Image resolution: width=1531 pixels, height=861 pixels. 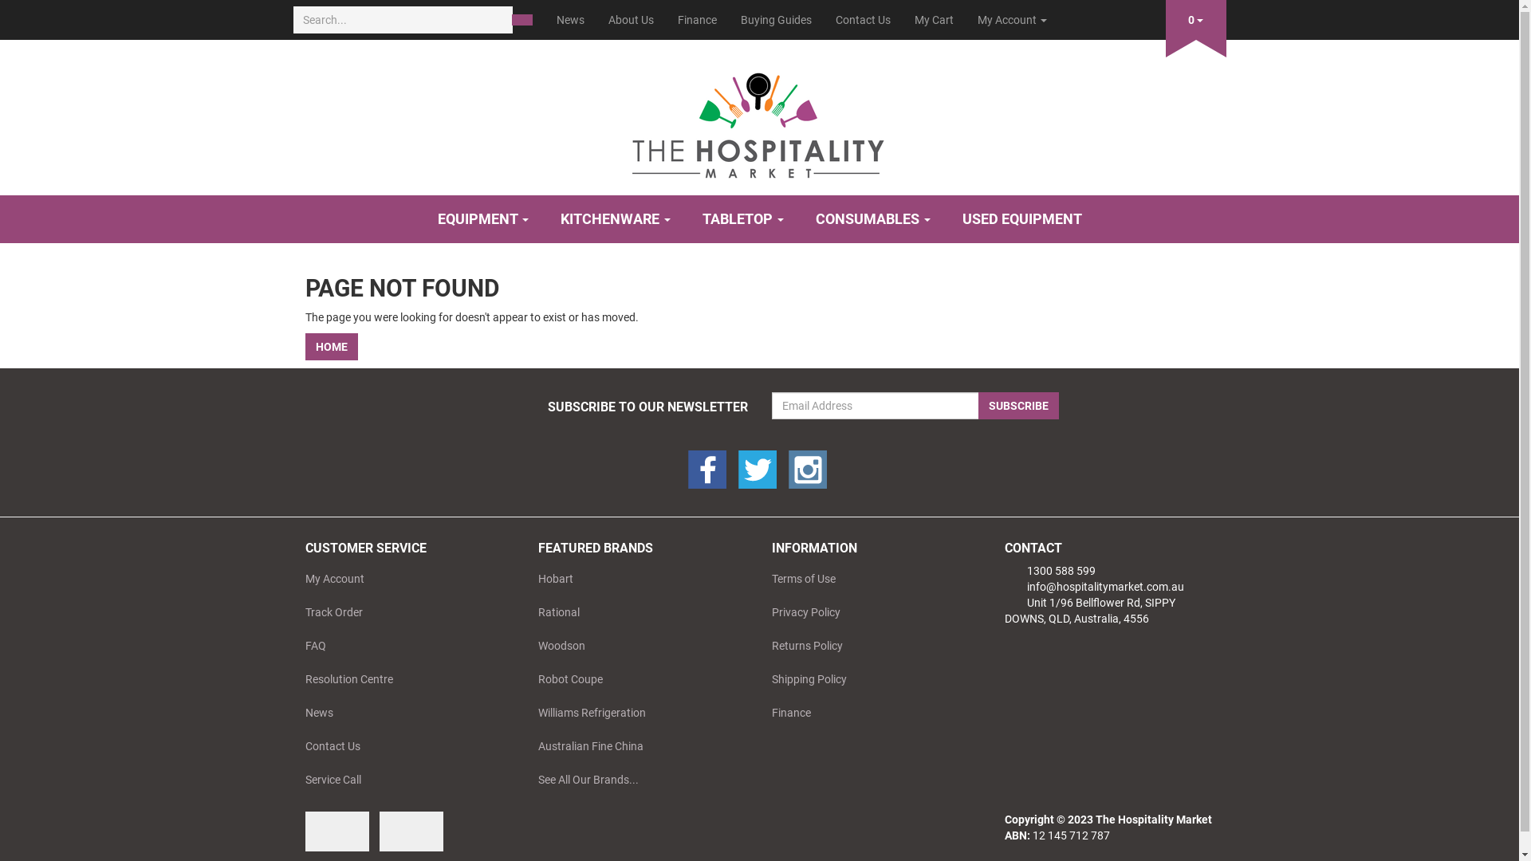 What do you see at coordinates (404, 679) in the screenshot?
I see `'Resolution Centre'` at bounding box center [404, 679].